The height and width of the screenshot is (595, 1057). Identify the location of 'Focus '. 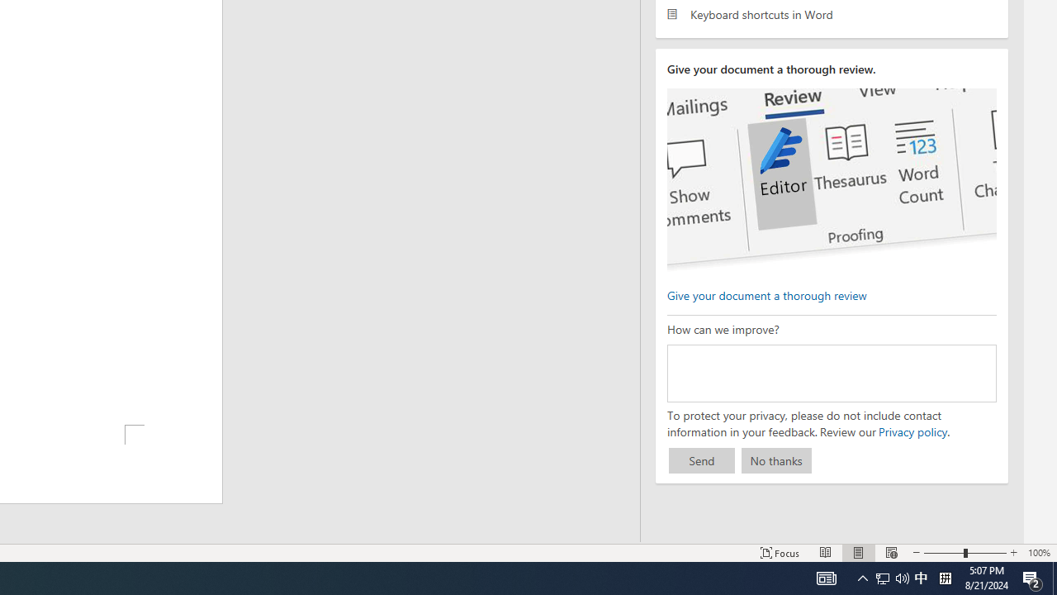
(779, 553).